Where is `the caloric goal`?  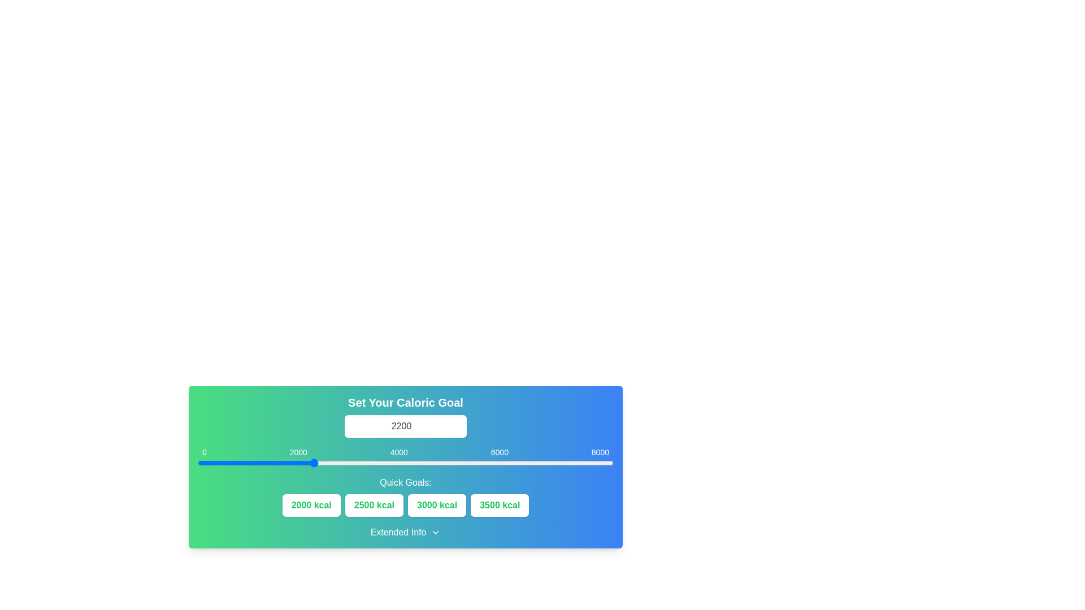
the caloric goal is located at coordinates (469, 463).